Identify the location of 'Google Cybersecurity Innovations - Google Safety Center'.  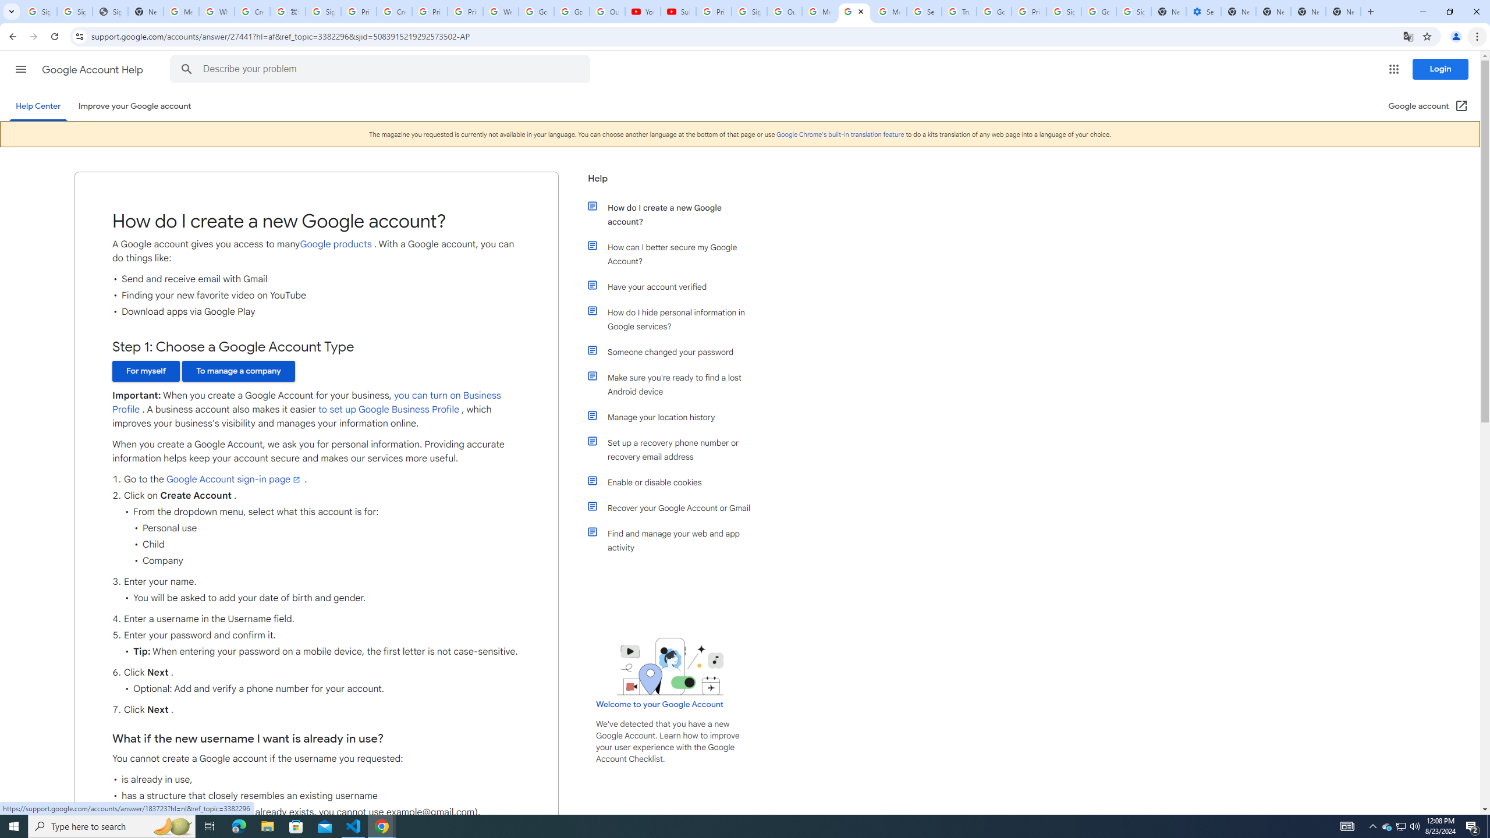
(1098, 11).